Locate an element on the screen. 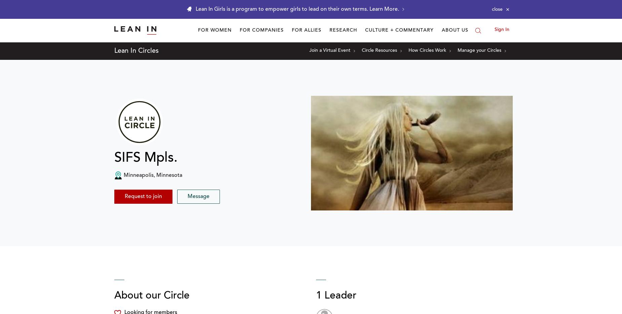 Image resolution: width=622 pixels, height=314 pixels. 'Minneapolis, Minnesota' is located at coordinates (152, 175).